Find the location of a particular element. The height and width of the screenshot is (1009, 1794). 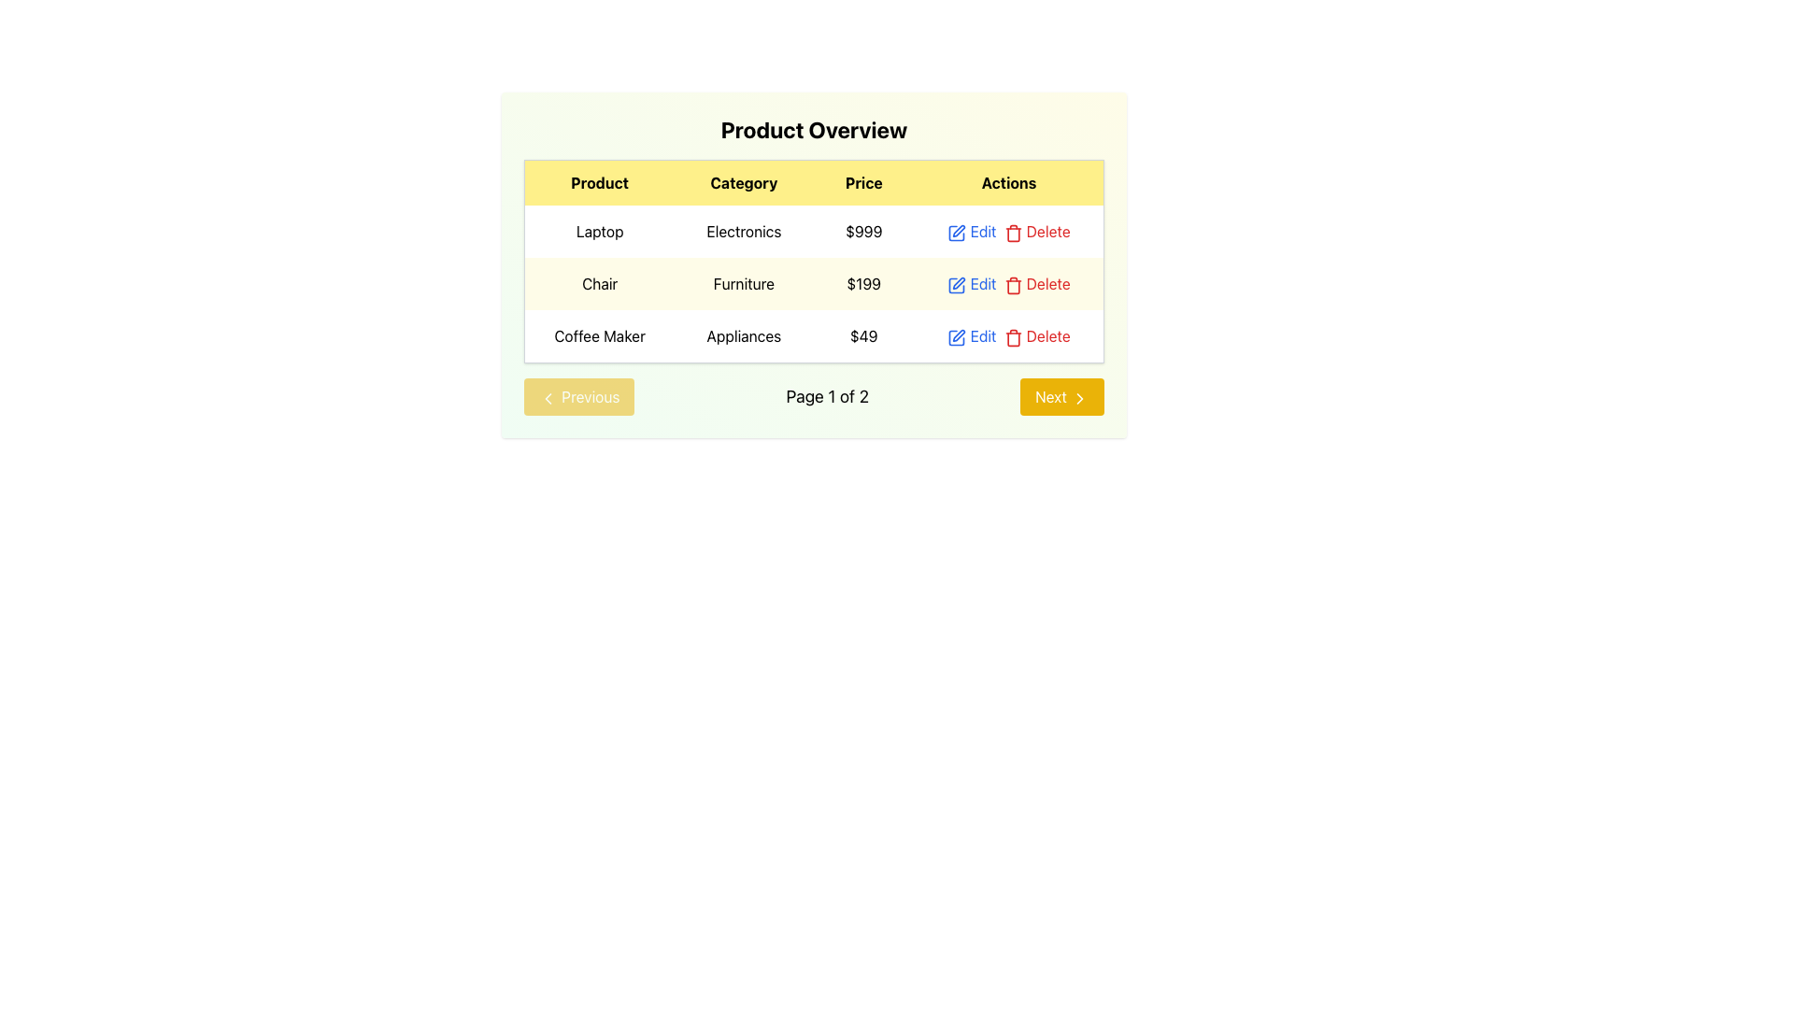

the left-facing chevron arrow icon within the 'Previous' button located at the bottom-left of the pagination control is located at coordinates (547, 396).